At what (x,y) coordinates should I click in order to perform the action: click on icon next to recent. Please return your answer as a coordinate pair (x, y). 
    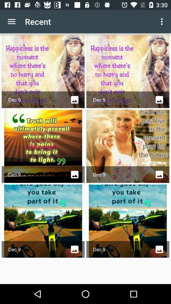
    Looking at the image, I should click on (162, 22).